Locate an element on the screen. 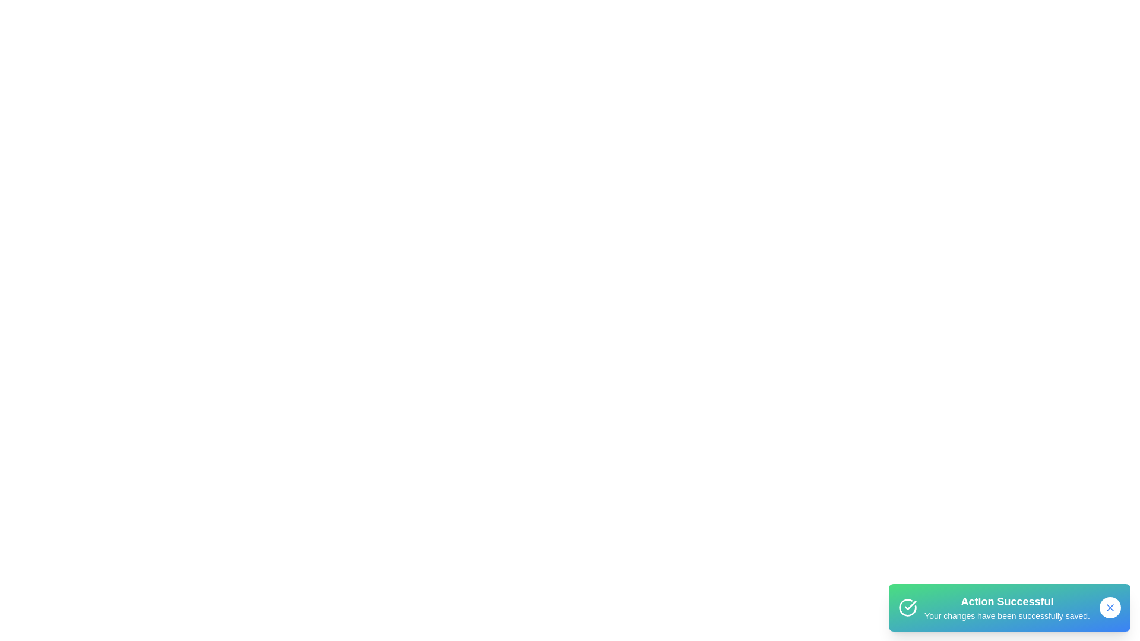  the notification icon to inspect it is located at coordinates (907, 607).